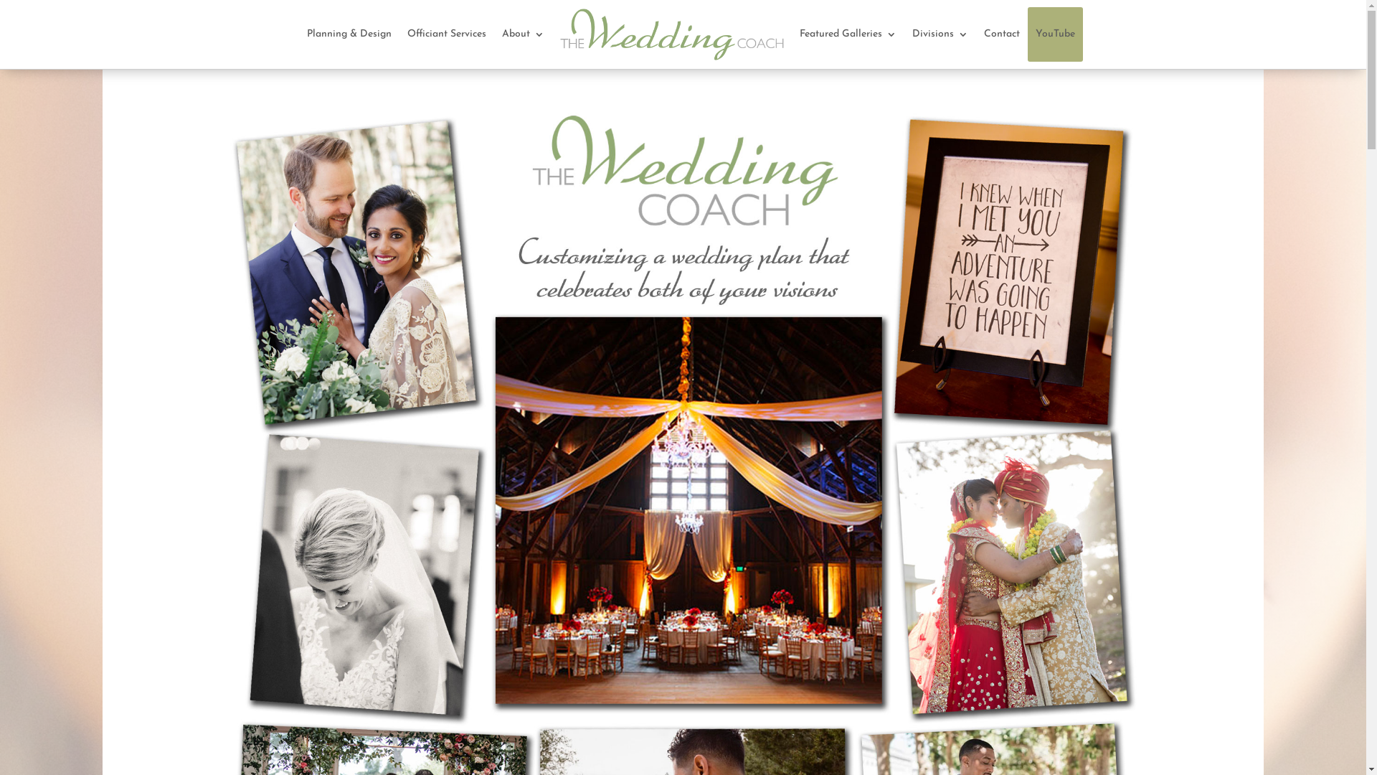 Image resolution: width=1377 pixels, height=775 pixels. I want to click on 'Planning & Design', so click(306, 33).